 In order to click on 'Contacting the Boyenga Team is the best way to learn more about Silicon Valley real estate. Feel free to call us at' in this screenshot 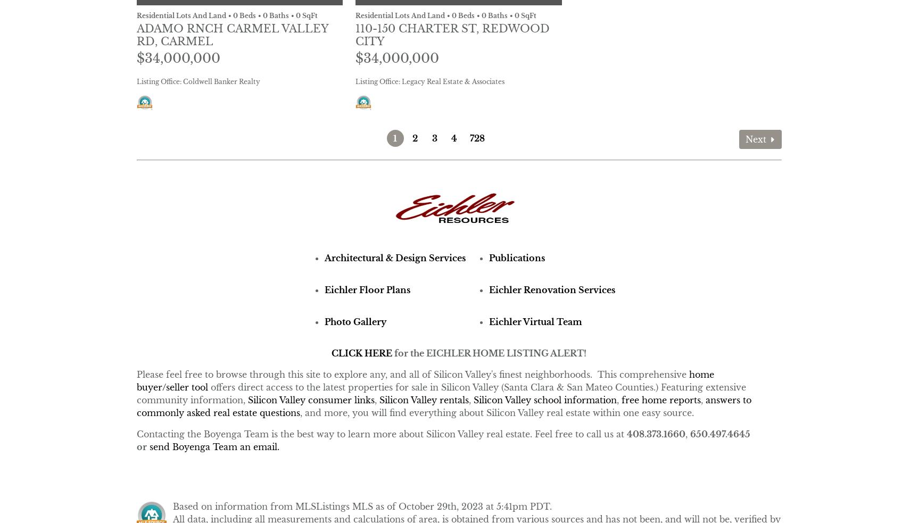, I will do `click(135, 433)`.